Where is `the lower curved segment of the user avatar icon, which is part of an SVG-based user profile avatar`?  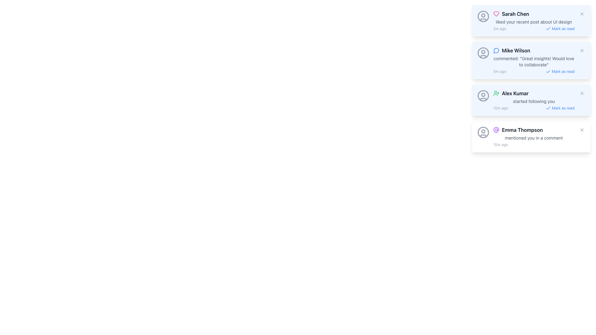
the lower curved segment of the user avatar icon, which is part of an SVG-based user profile avatar is located at coordinates (483, 56).